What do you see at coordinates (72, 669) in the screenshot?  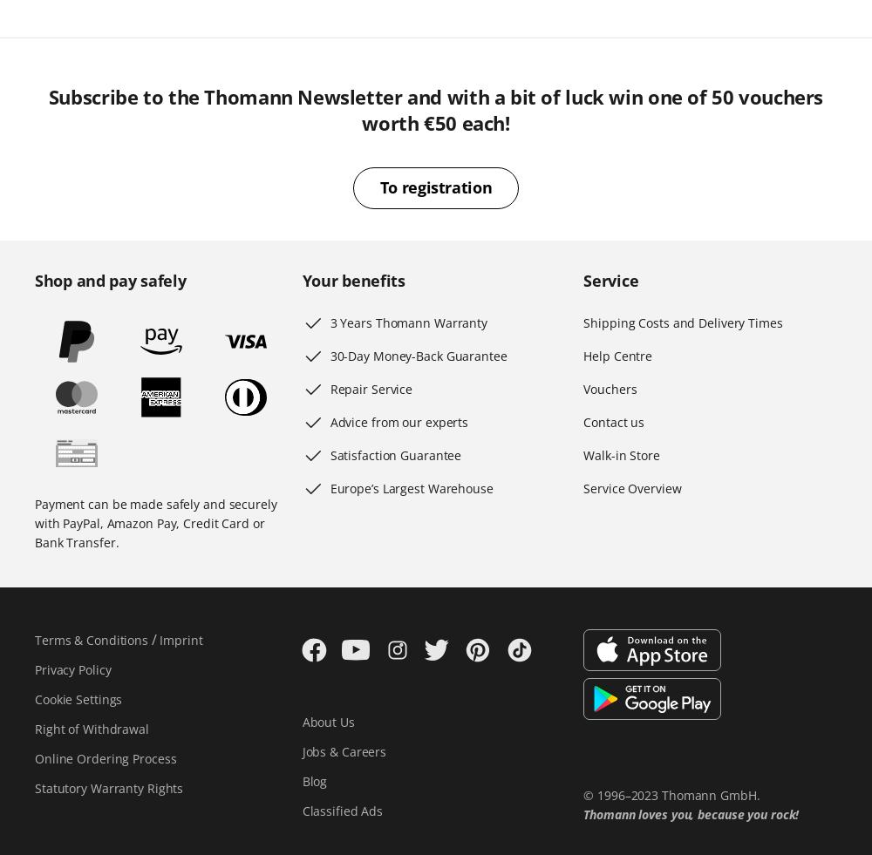 I see `'Privacy Policy'` at bounding box center [72, 669].